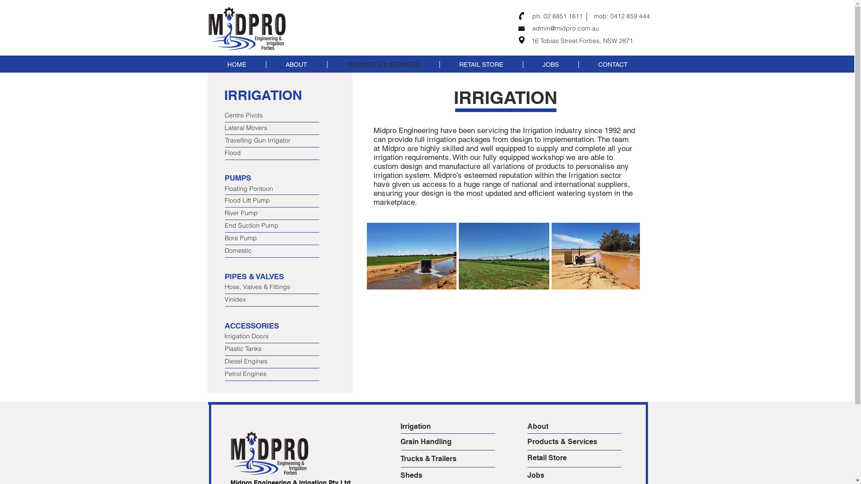 The height and width of the screenshot is (484, 861). What do you see at coordinates (527, 475) in the screenshot?
I see `'Jobs'` at bounding box center [527, 475].